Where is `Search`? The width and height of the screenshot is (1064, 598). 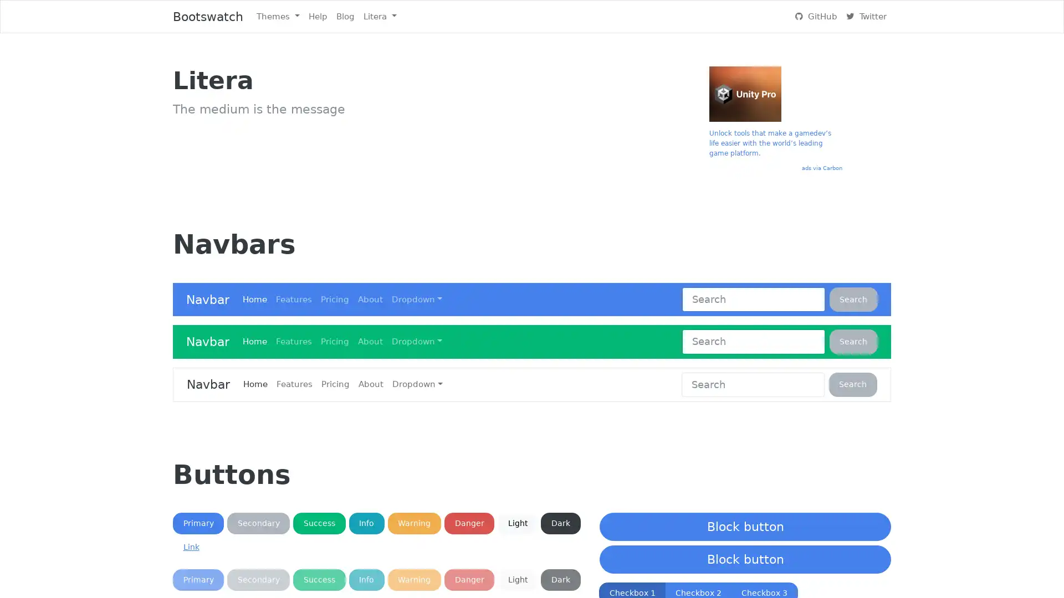
Search is located at coordinates (853, 299).